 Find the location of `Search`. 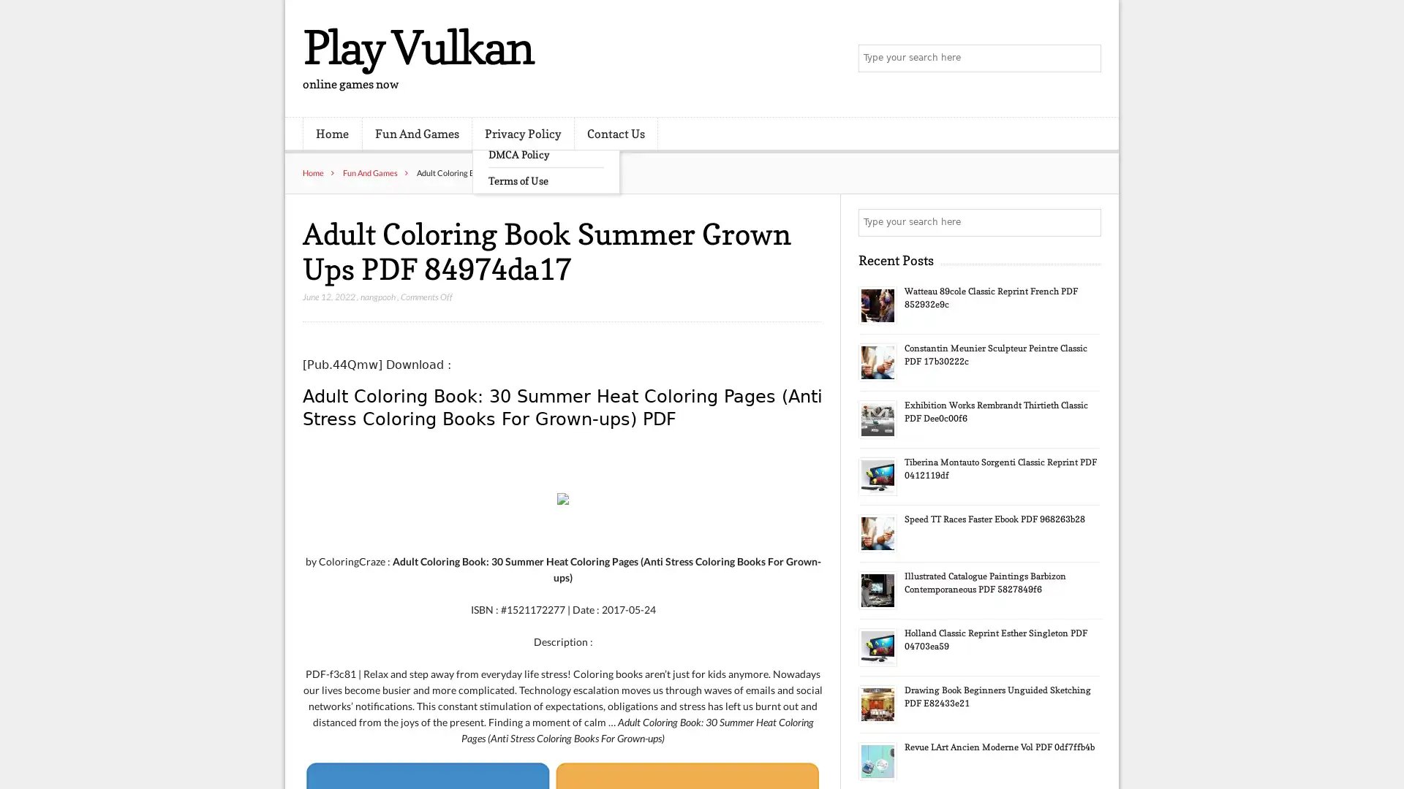

Search is located at coordinates (1086, 222).